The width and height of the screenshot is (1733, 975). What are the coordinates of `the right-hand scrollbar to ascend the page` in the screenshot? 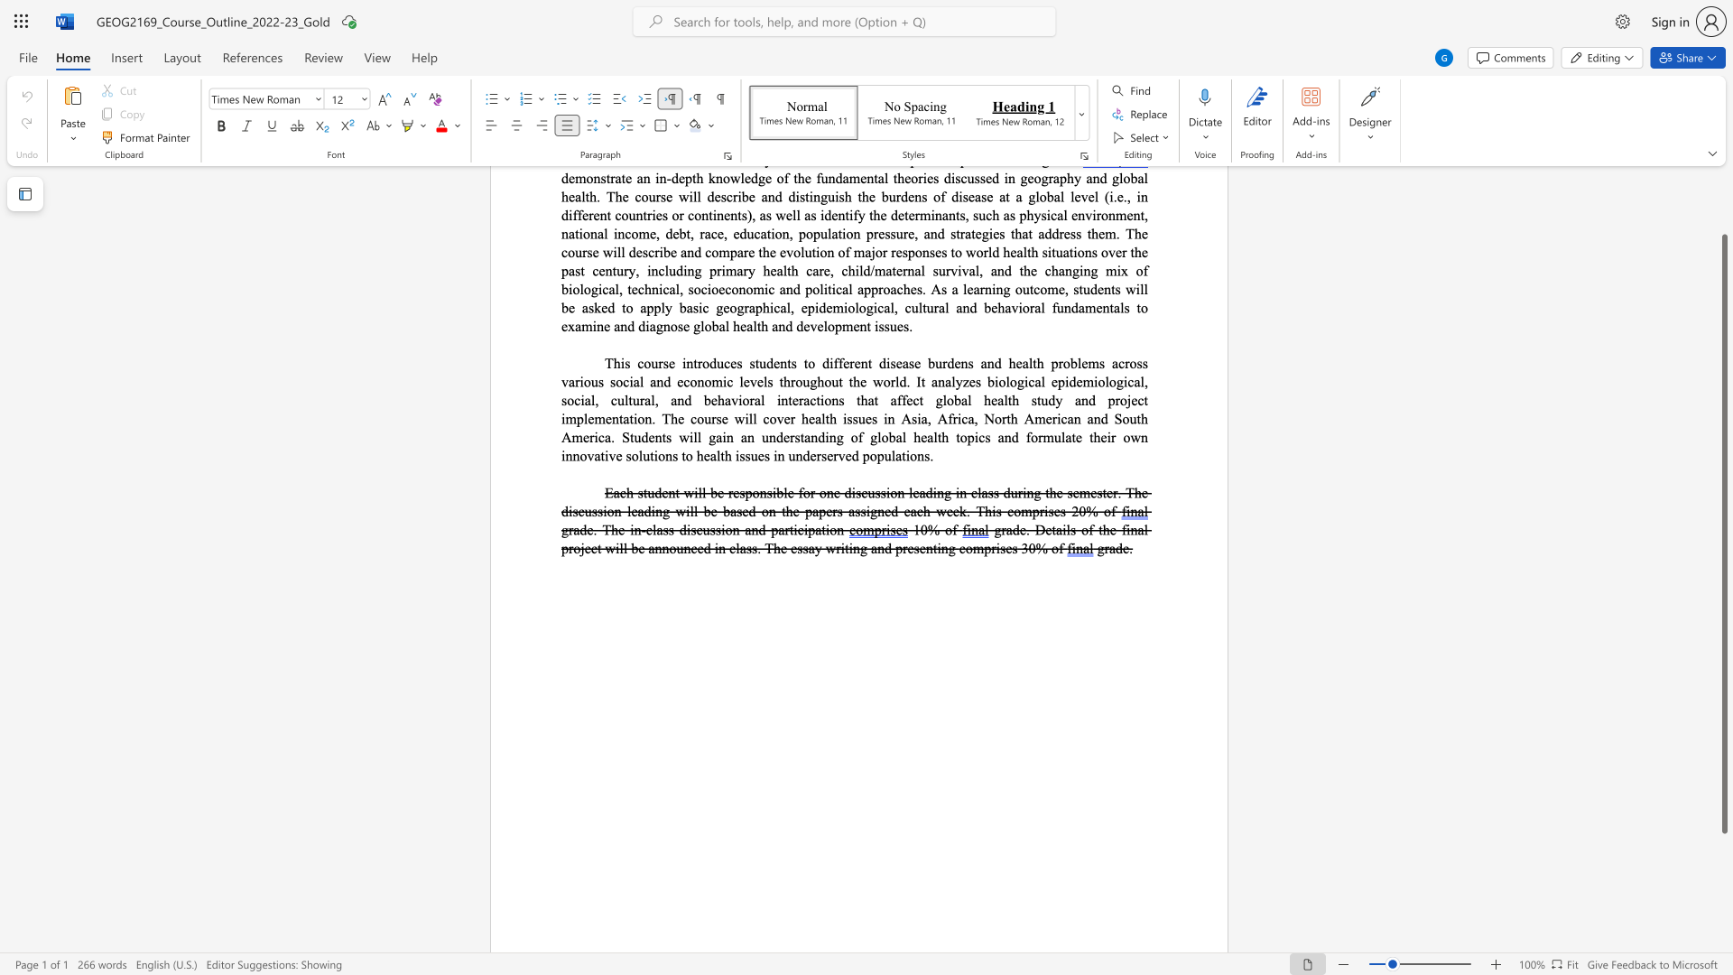 It's located at (1723, 189).